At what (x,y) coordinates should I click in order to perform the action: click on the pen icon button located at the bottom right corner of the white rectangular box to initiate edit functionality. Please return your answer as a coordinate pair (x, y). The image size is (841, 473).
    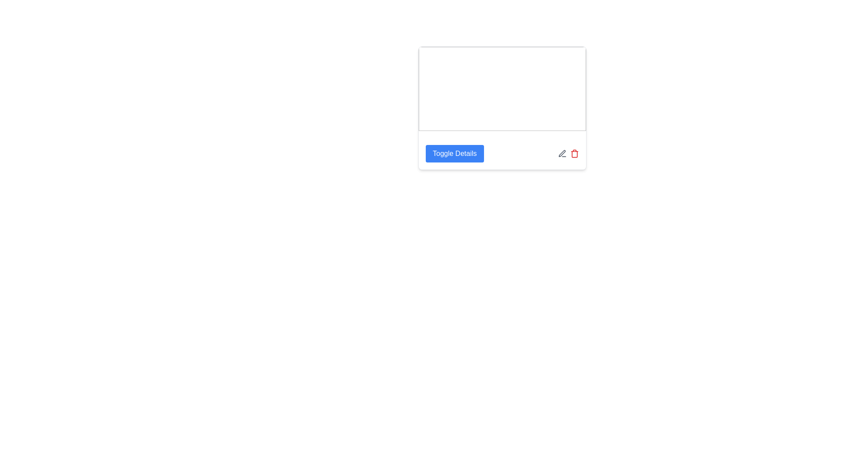
    Looking at the image, I should click on (562, 153).